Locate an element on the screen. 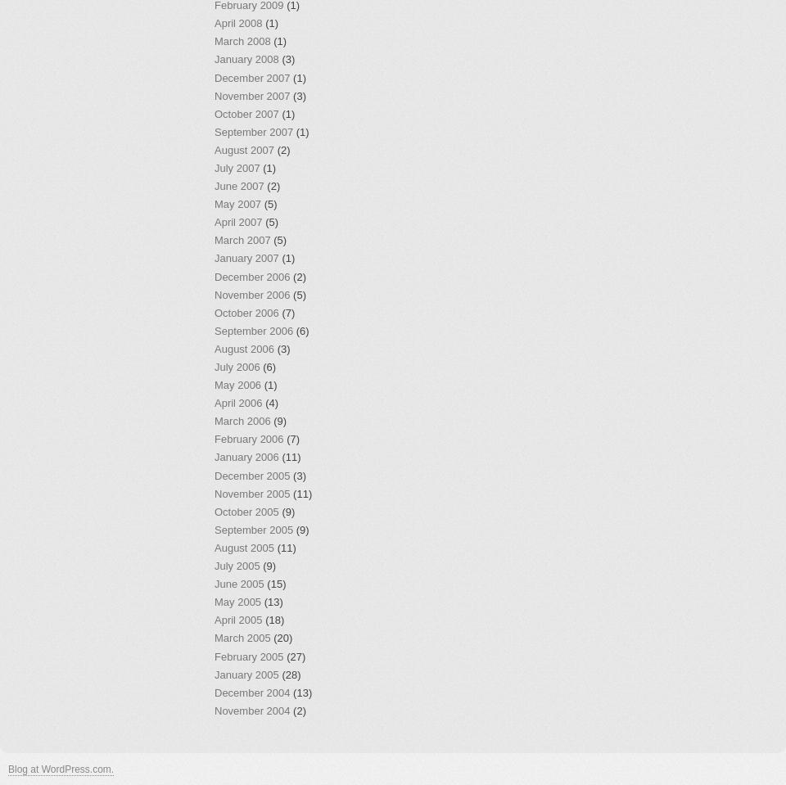 Image resolution: width=786 pixels, height=785 pixels. '(20)' is located at coordinates (281, 638).